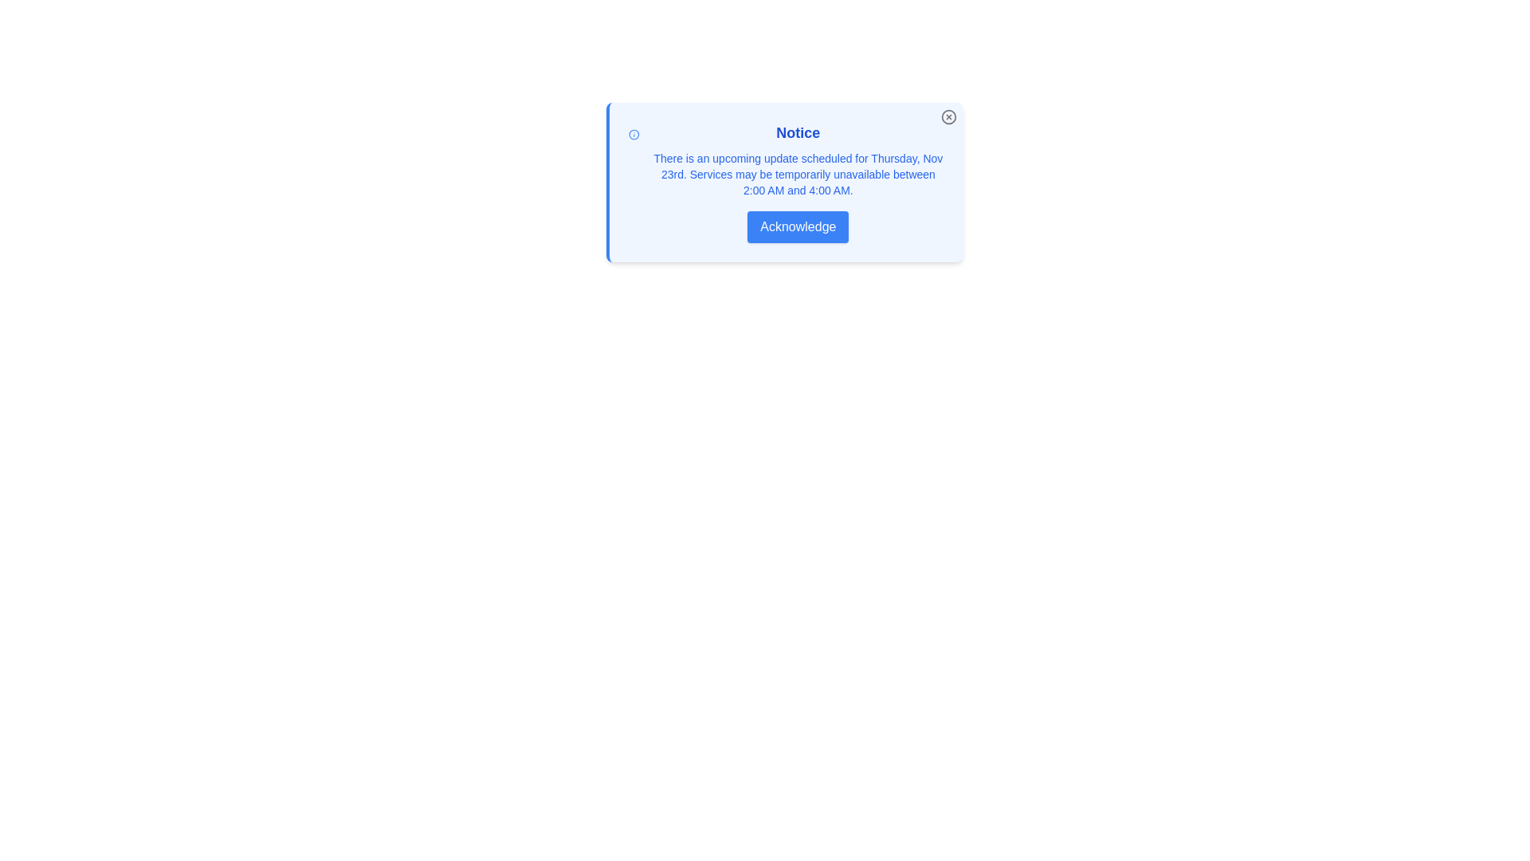  I want to click on the Text label, which serves as the headline for the notification and is positioned at the top of the notification element, so click(798, 132).